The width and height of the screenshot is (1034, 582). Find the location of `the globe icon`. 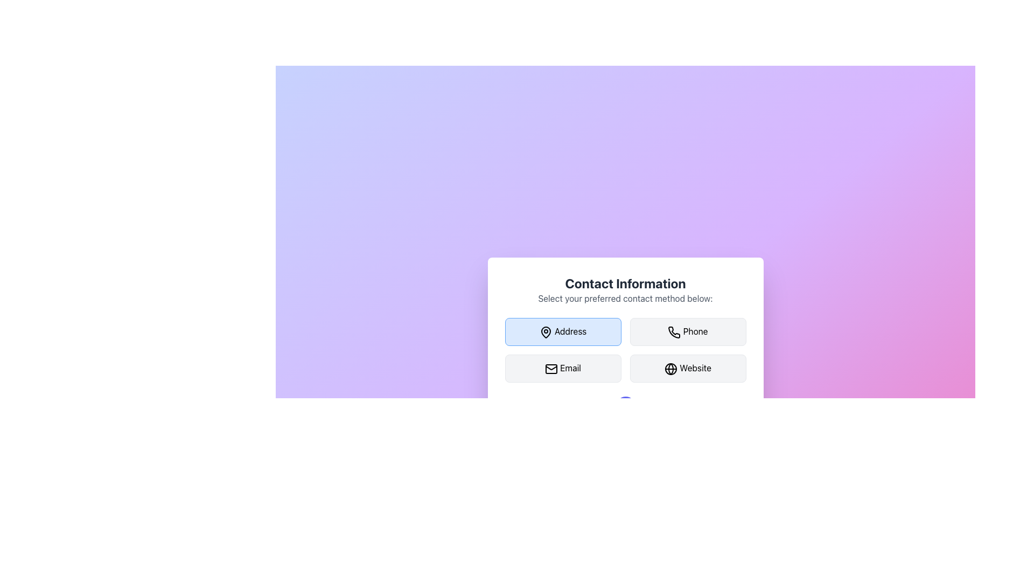

the globe icon is located at coordinates (670, 368).